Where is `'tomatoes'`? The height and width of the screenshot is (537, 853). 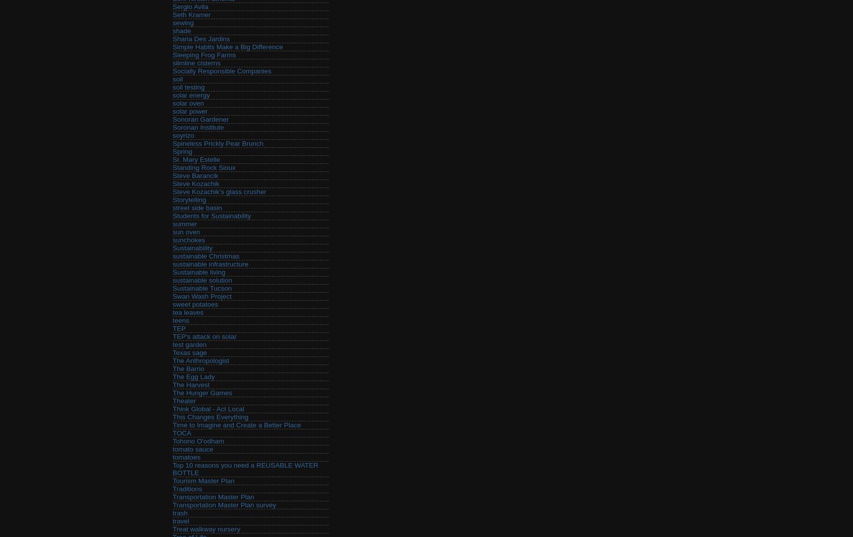 'tomatoes' is located at coordinates (186, 457).